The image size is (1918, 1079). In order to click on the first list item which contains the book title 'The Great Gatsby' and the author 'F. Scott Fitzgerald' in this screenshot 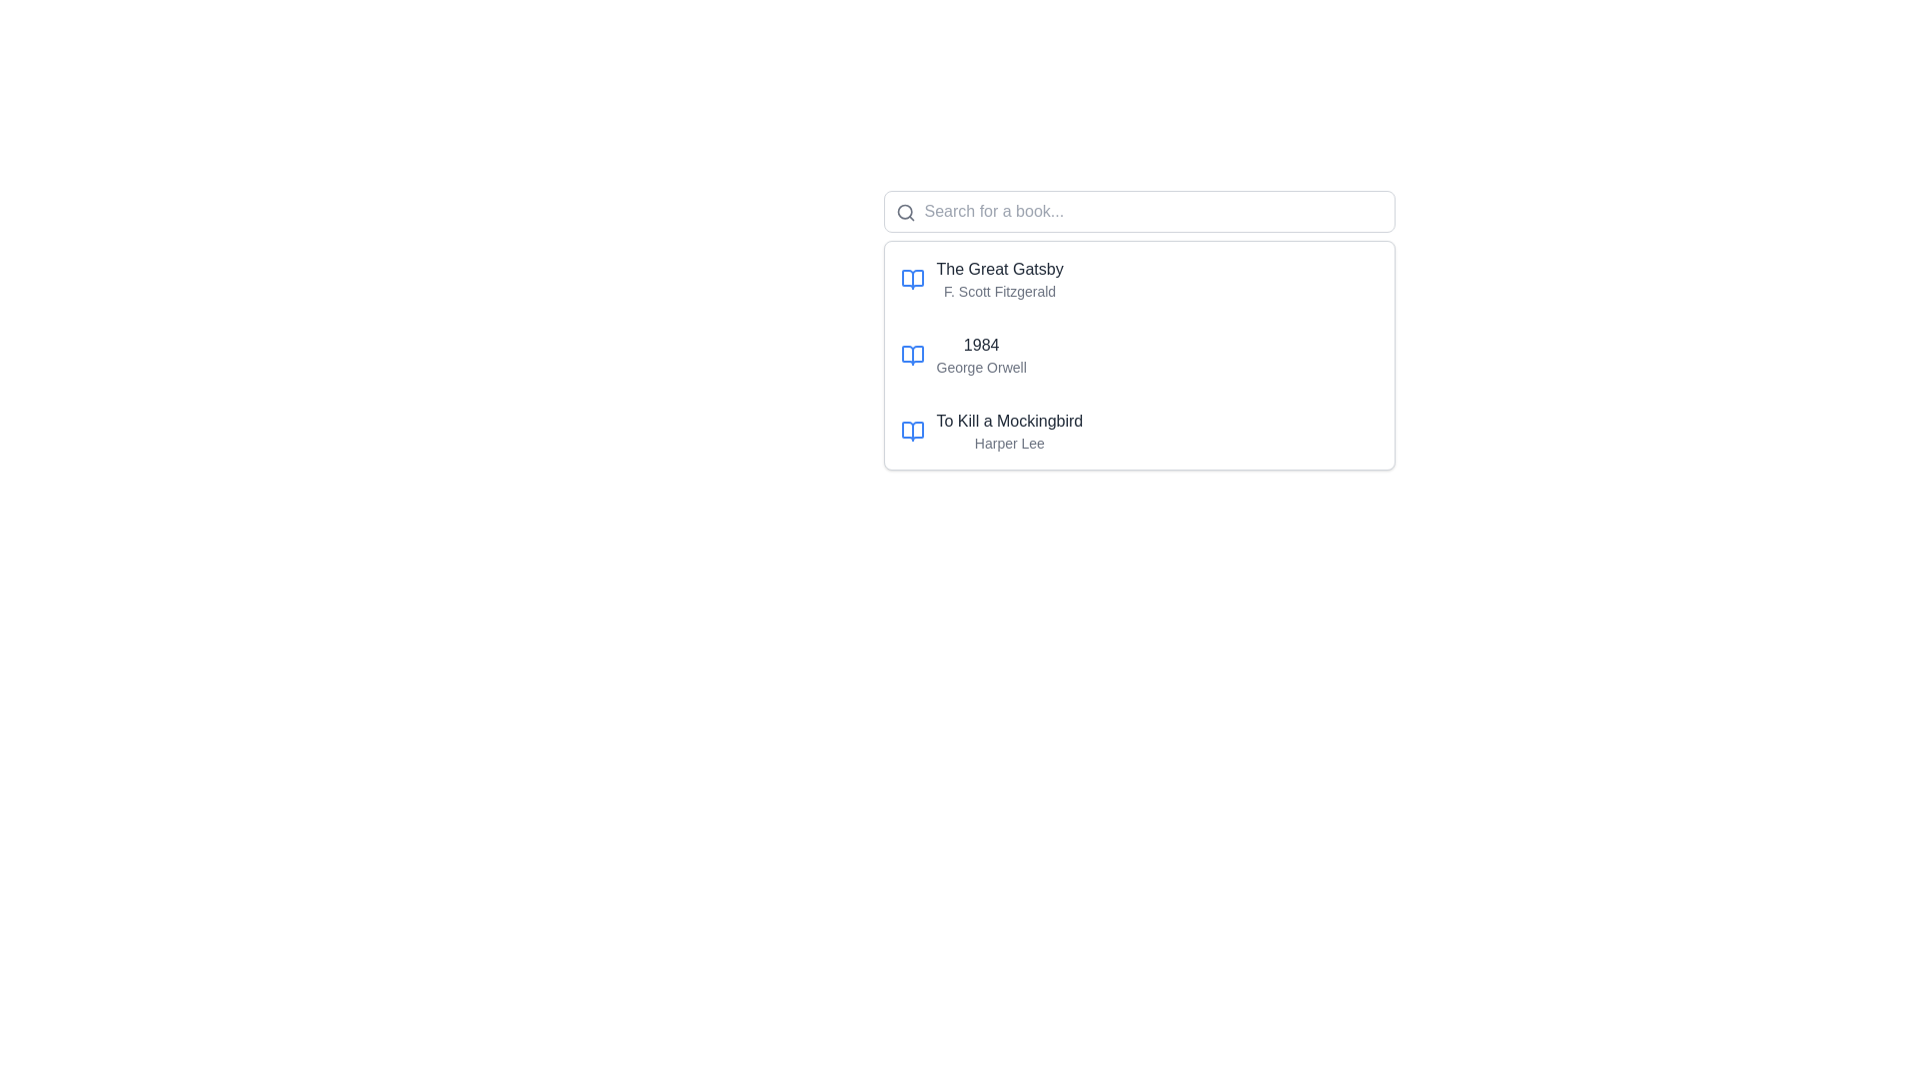, I will do `click(1139, 280)`.